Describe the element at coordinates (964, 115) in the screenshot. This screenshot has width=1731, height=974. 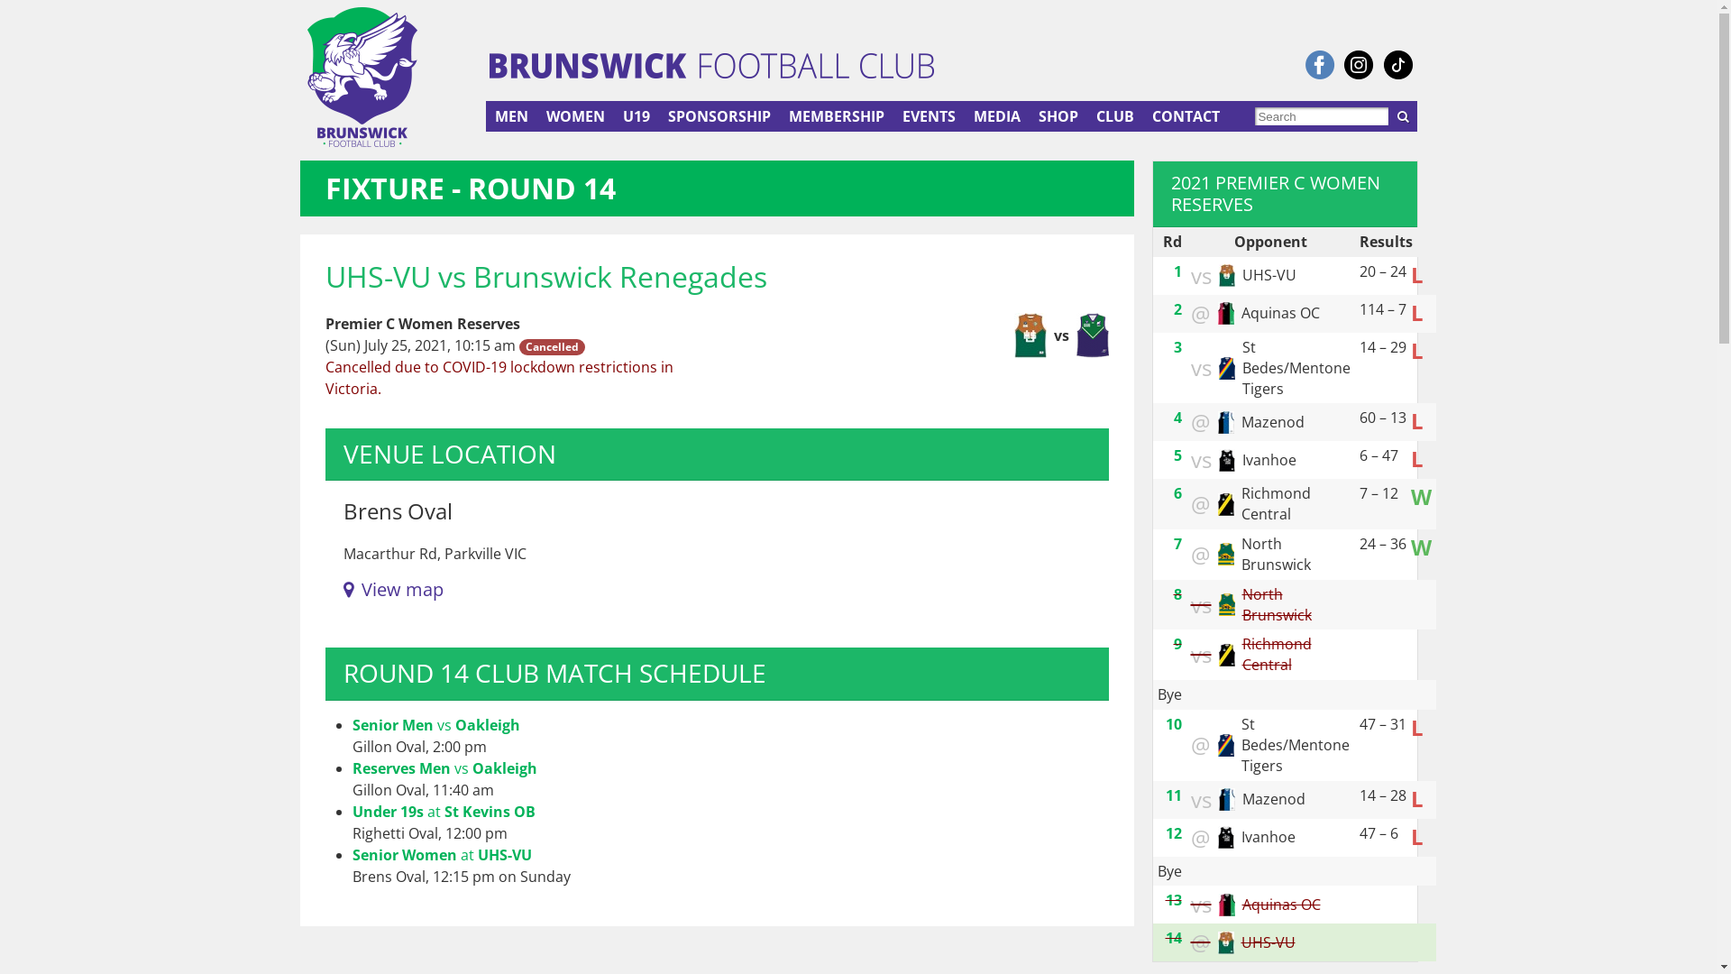
I see `'MEDIA'` at that location.